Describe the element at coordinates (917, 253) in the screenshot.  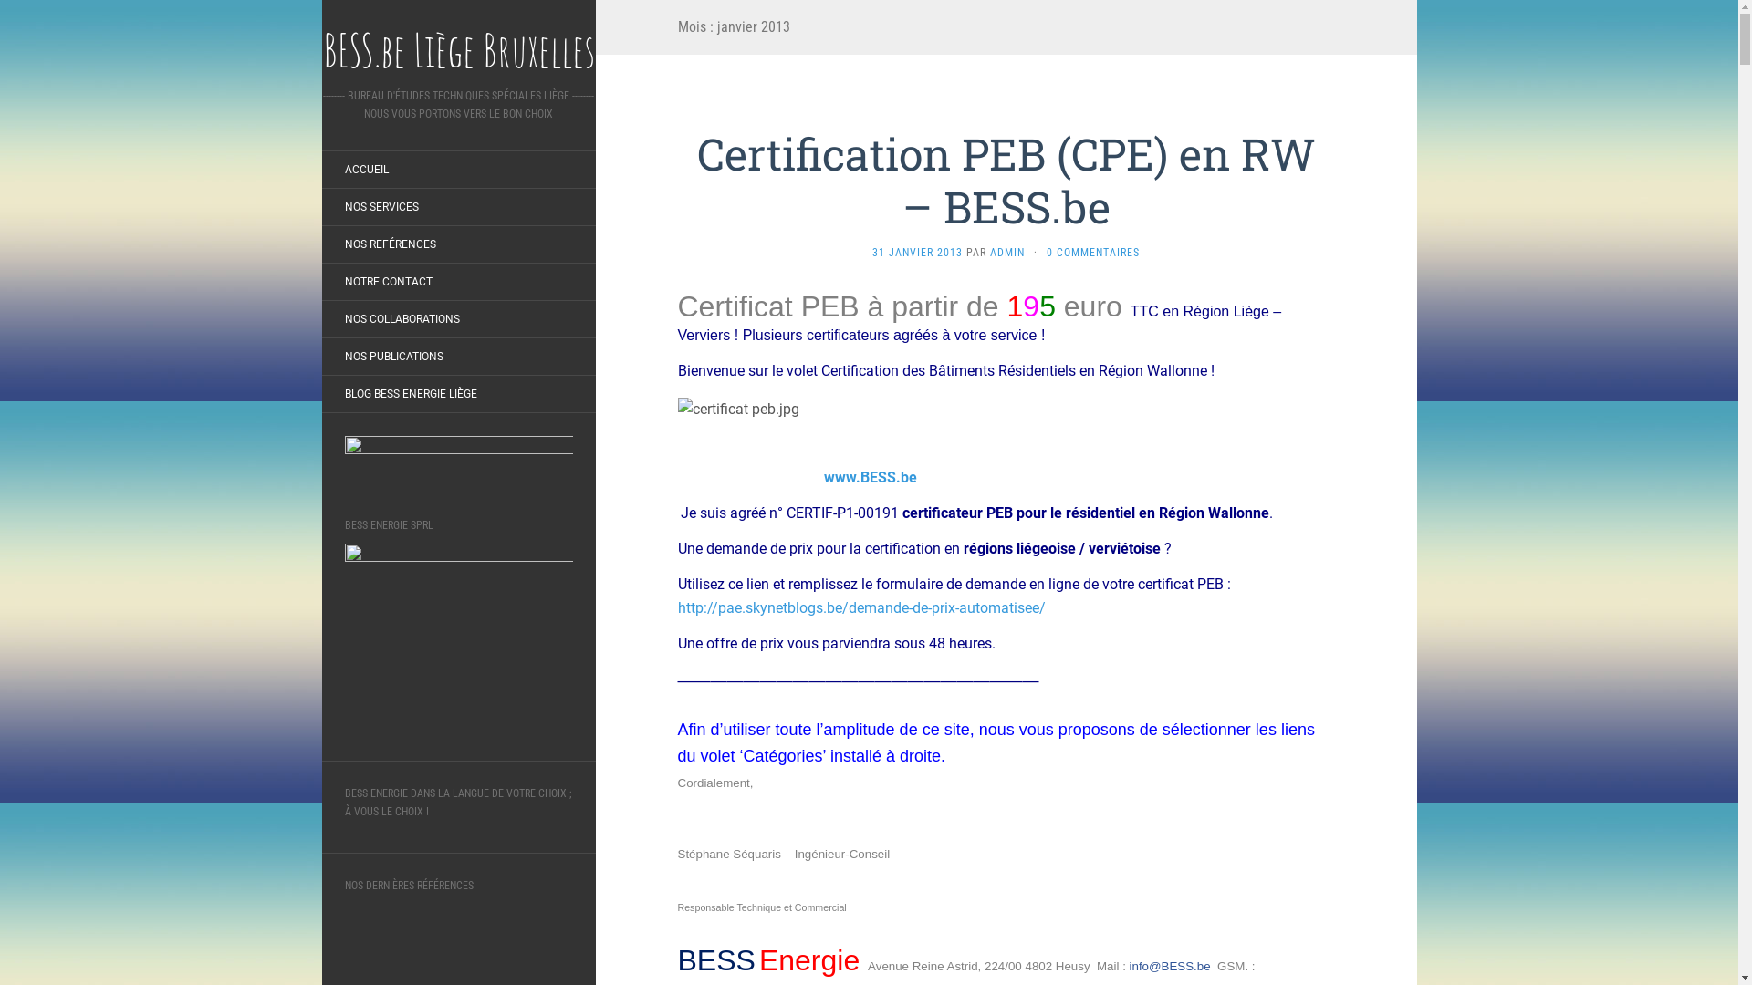
I see `'31 JANVIER 2013'` at that location.